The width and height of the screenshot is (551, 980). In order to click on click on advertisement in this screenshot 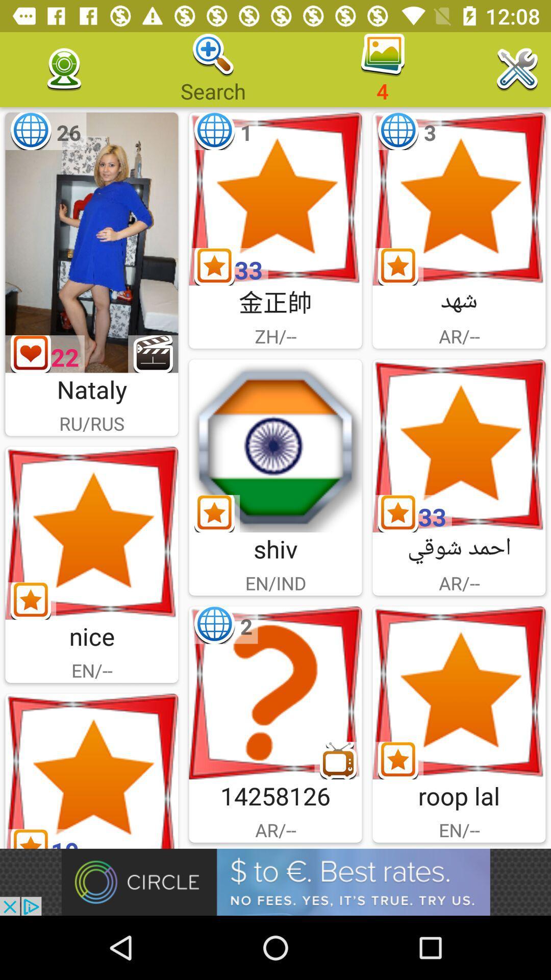, I will do `click(275, 881)`.